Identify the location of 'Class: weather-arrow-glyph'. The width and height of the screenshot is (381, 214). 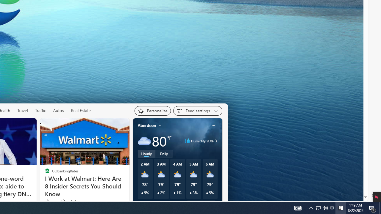
(216, 141).